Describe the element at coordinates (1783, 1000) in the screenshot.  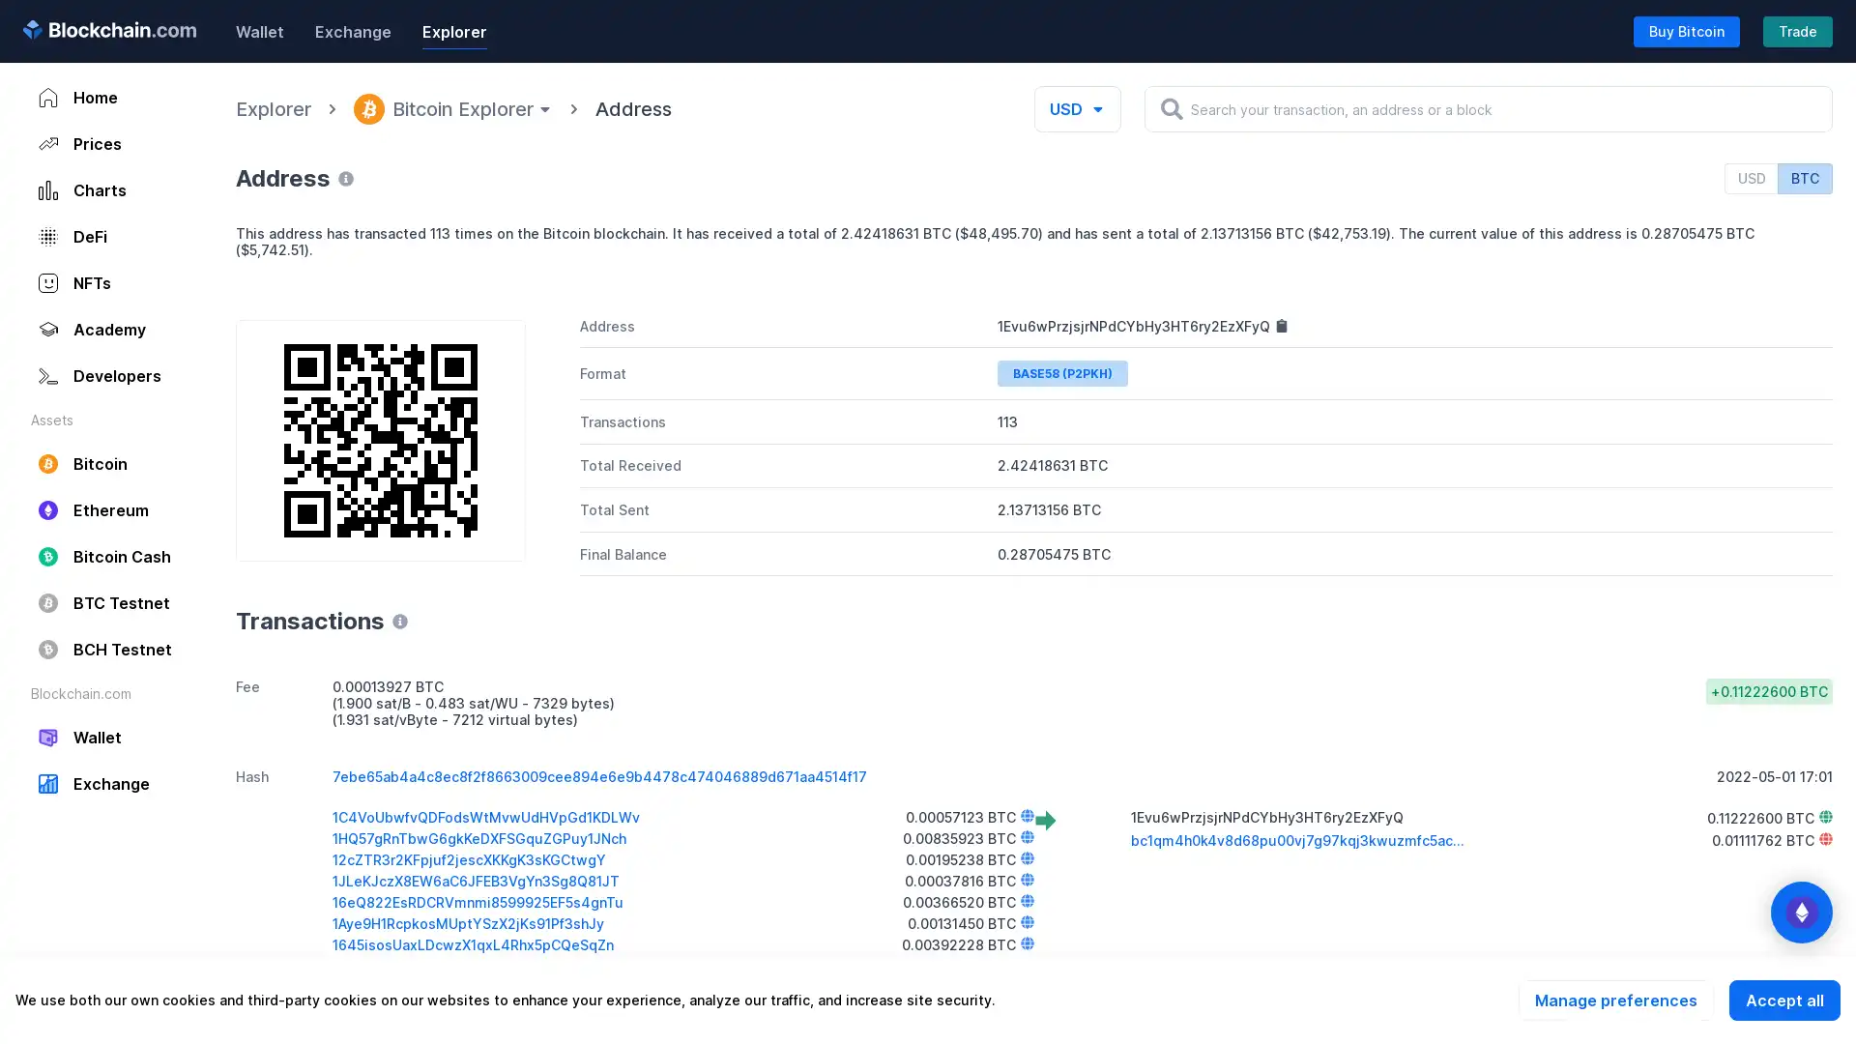
I see `Accept all` at that location.